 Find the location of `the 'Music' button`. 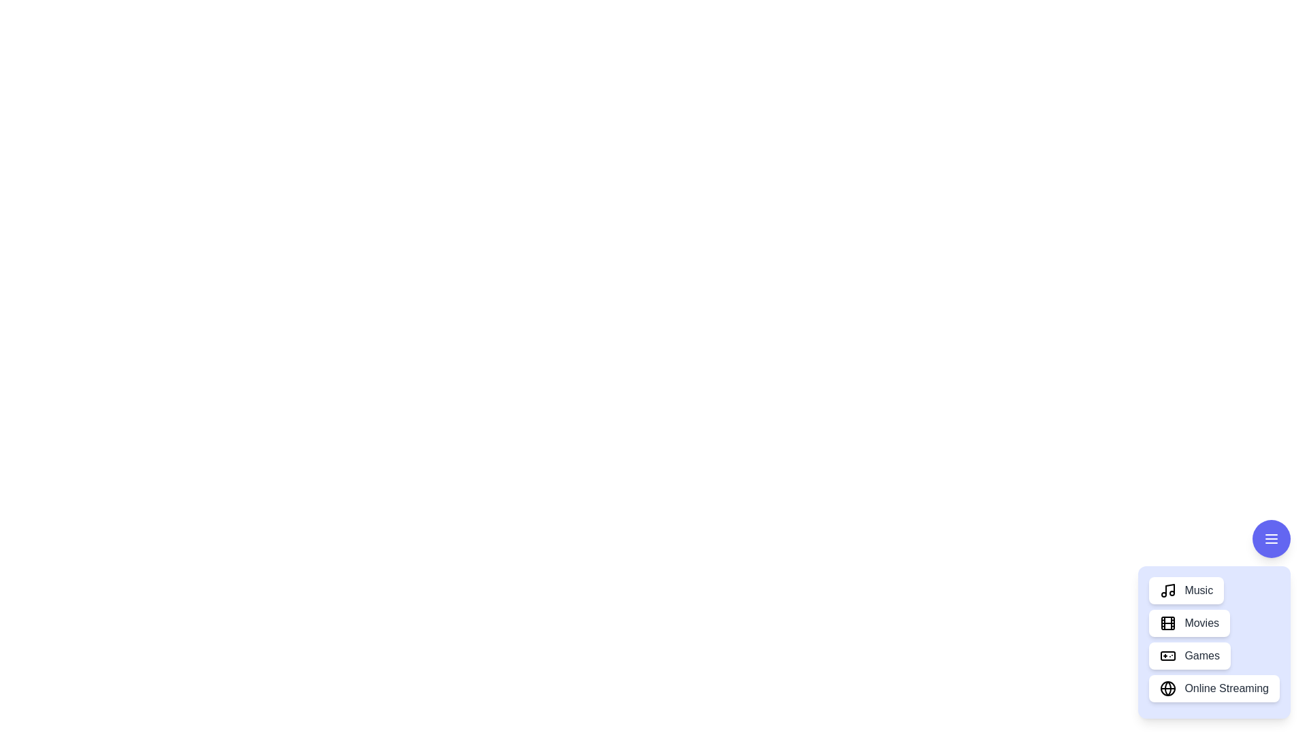

the 'Music' button is located at coordinates (1185, 589).